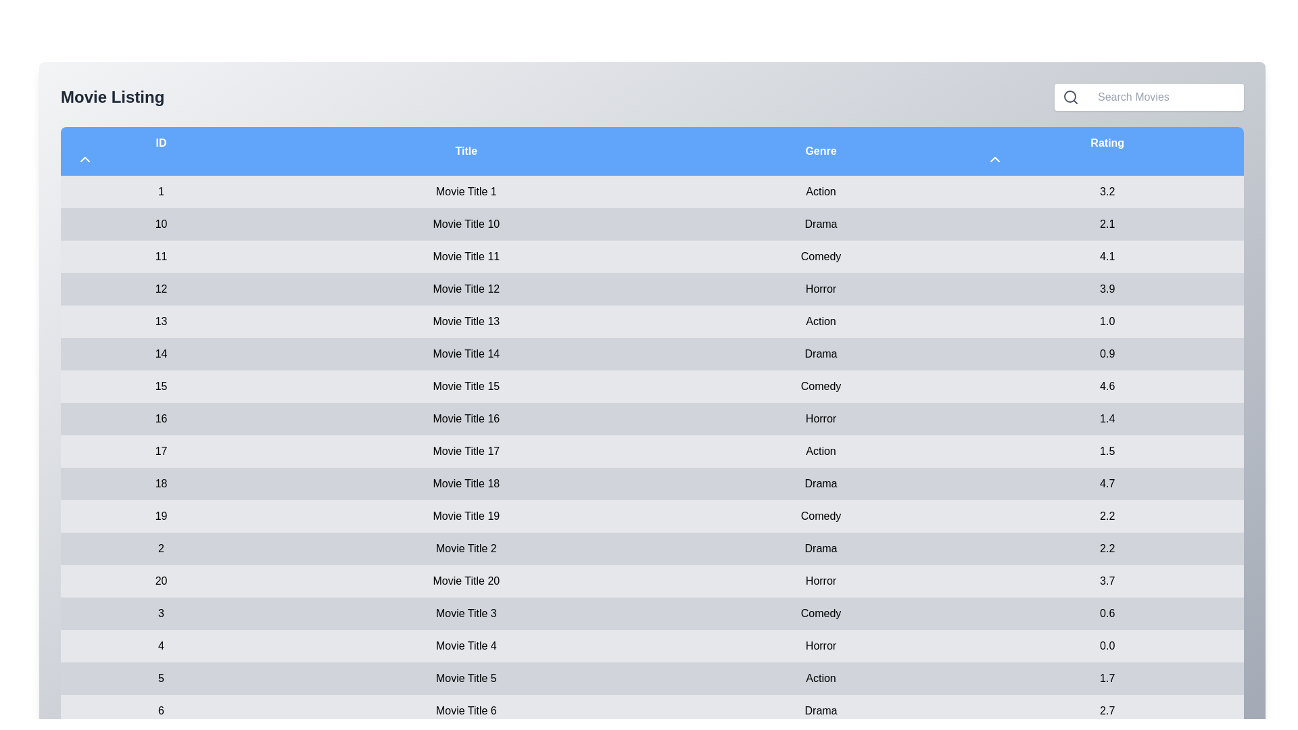  What do you see at coordinates (1107, 151) in the screenshot?
I see `the 'Rating' column header to toggle the sorting order` at bounding box center [1107, 151].